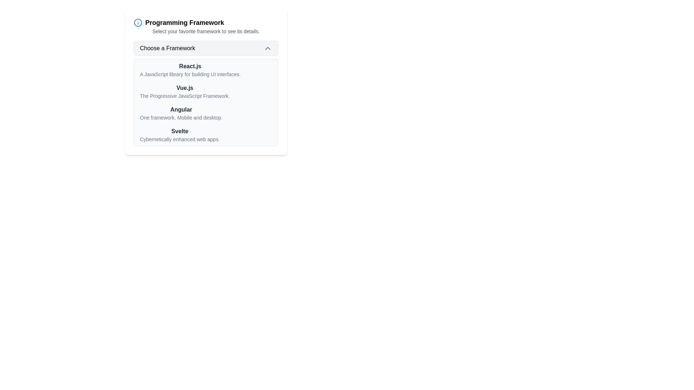 The width and height of the screenshot is (694, 390). I want to click on text block containing the main heading 'React.js' and the subheading 'A JavaScript library for building UI interfaces.' which is the first item in the list under the section titled 'Choose a Framework', so click(190, 70).